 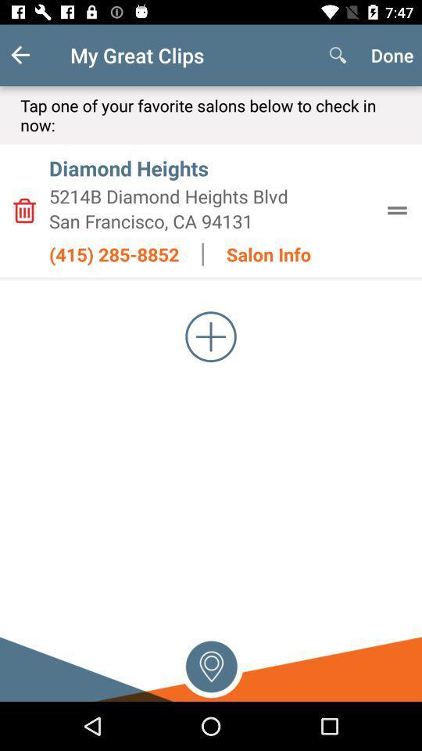 I want to click on the item next to my great clips app, so click(x=337, y=55).